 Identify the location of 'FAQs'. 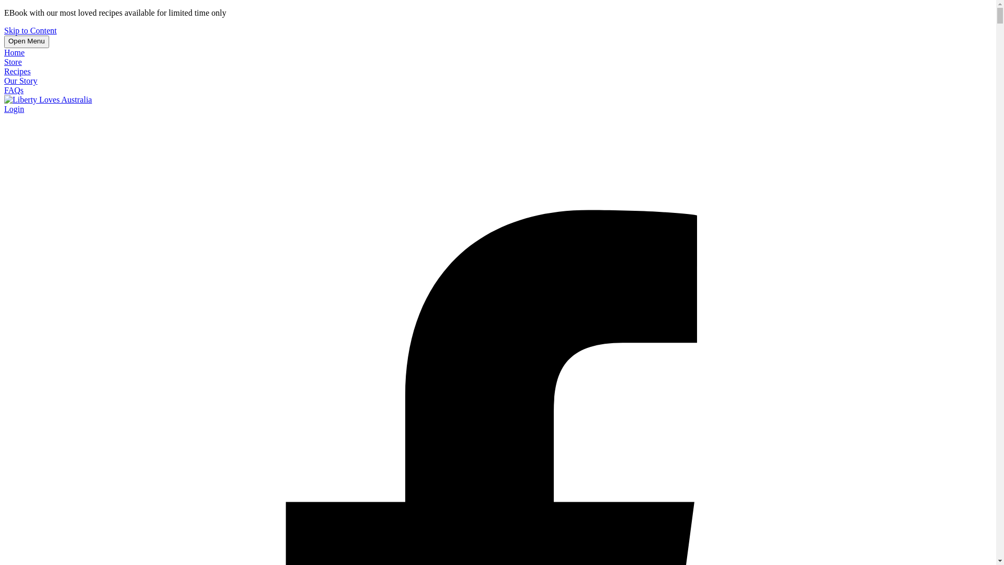
(14, 89).